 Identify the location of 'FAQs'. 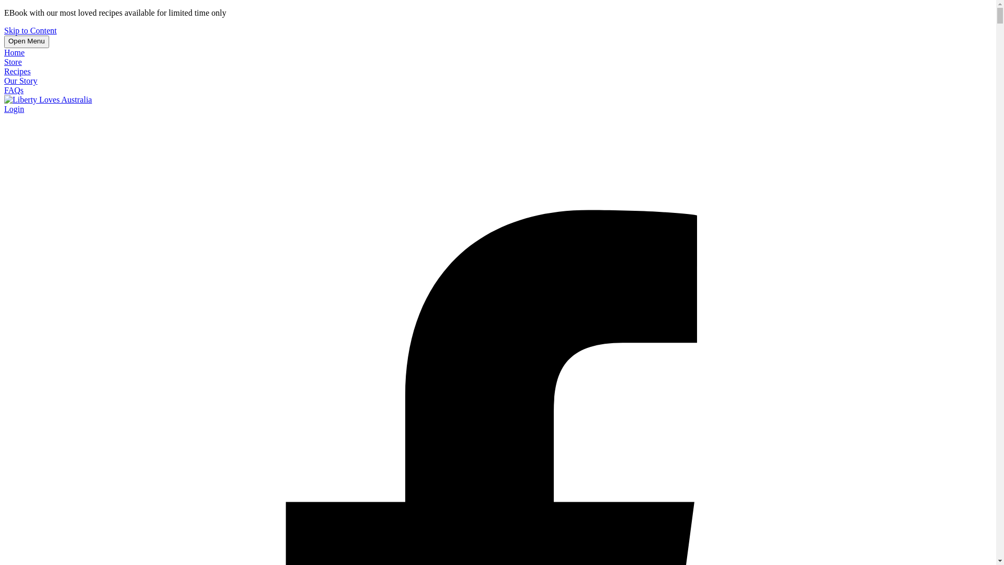
(14, 89).